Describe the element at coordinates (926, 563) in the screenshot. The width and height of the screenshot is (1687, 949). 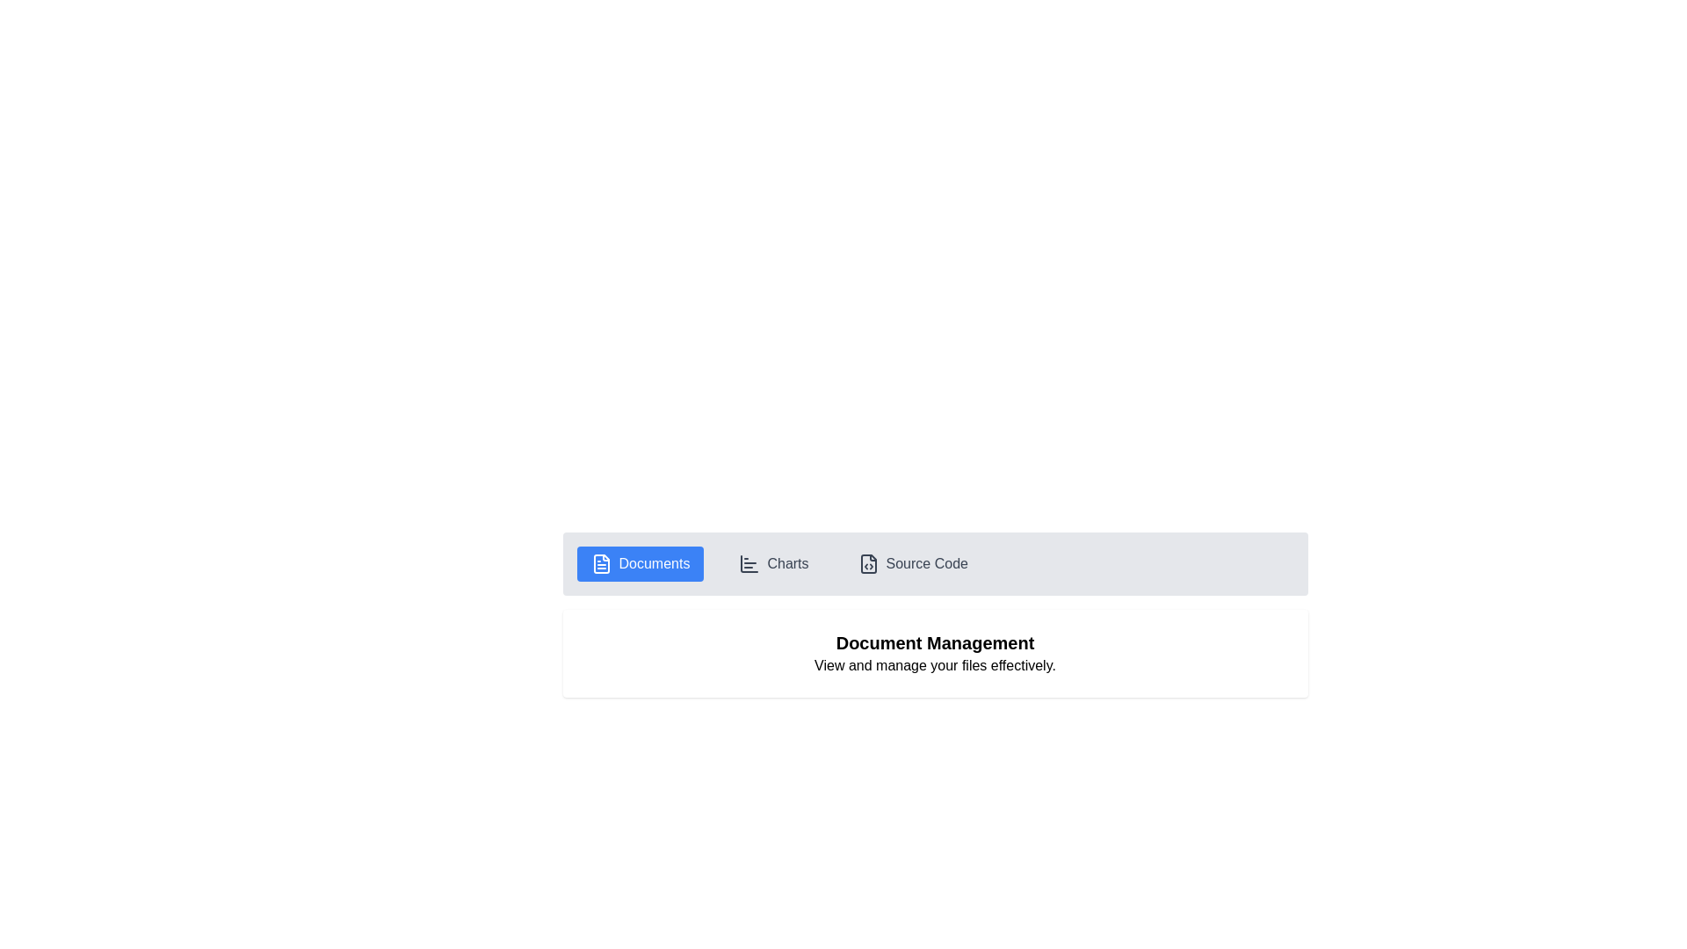
I see `the 'Source Code' label in the navigation bar` at that location.